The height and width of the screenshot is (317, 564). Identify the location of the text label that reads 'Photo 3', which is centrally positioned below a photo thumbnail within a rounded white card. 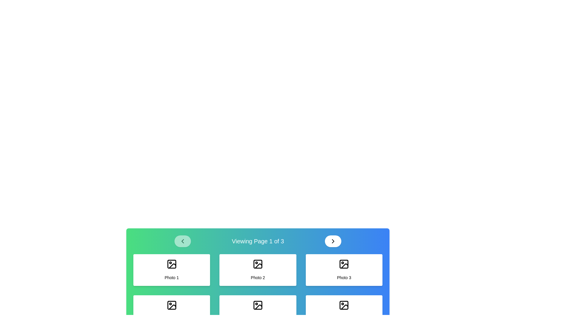
(344, 277).